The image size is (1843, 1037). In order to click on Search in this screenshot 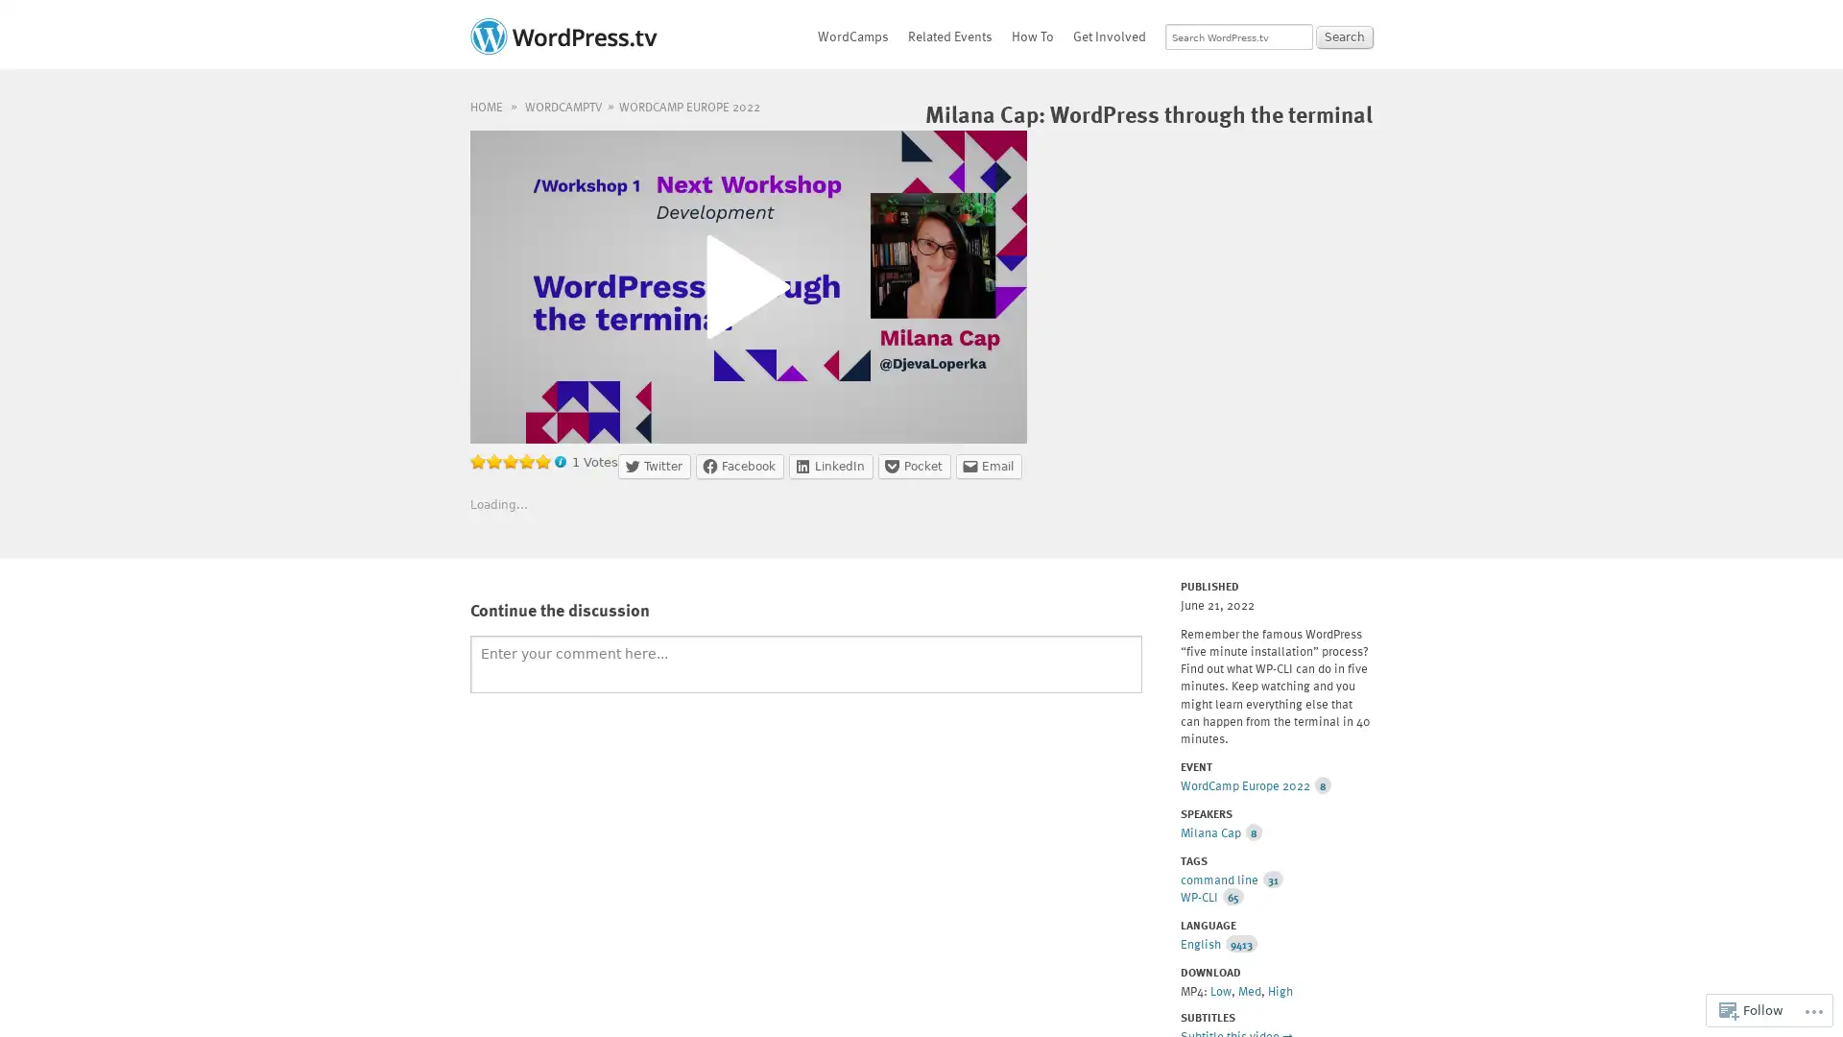, I will do `click(1344, 36)`.